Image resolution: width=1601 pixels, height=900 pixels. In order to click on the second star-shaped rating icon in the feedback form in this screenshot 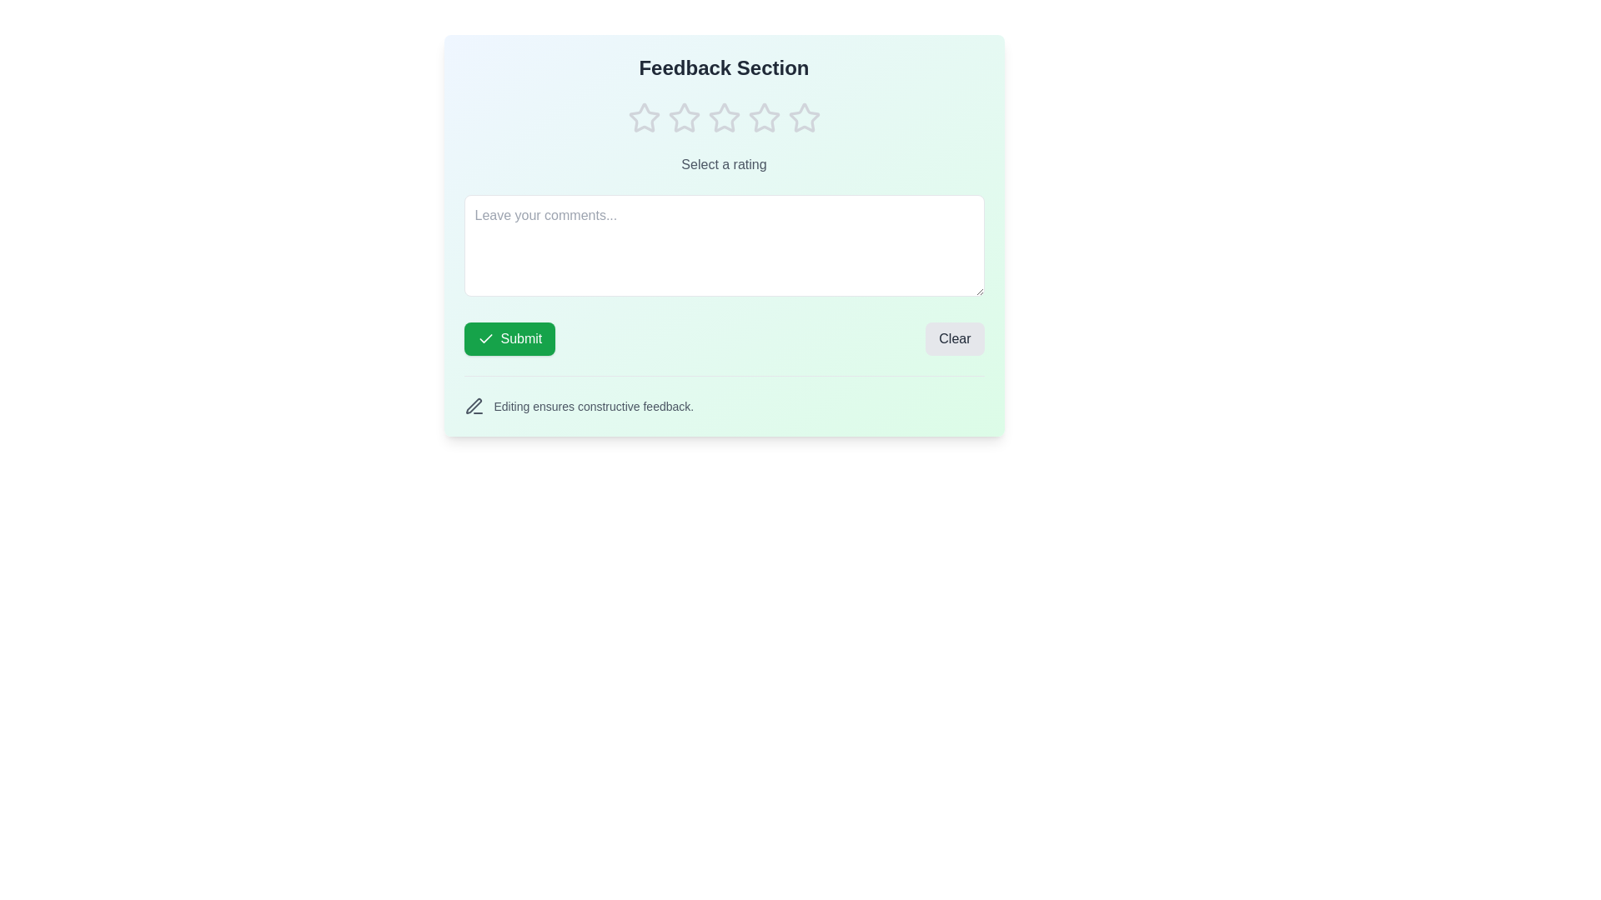, I will do `click(684, 117)`.